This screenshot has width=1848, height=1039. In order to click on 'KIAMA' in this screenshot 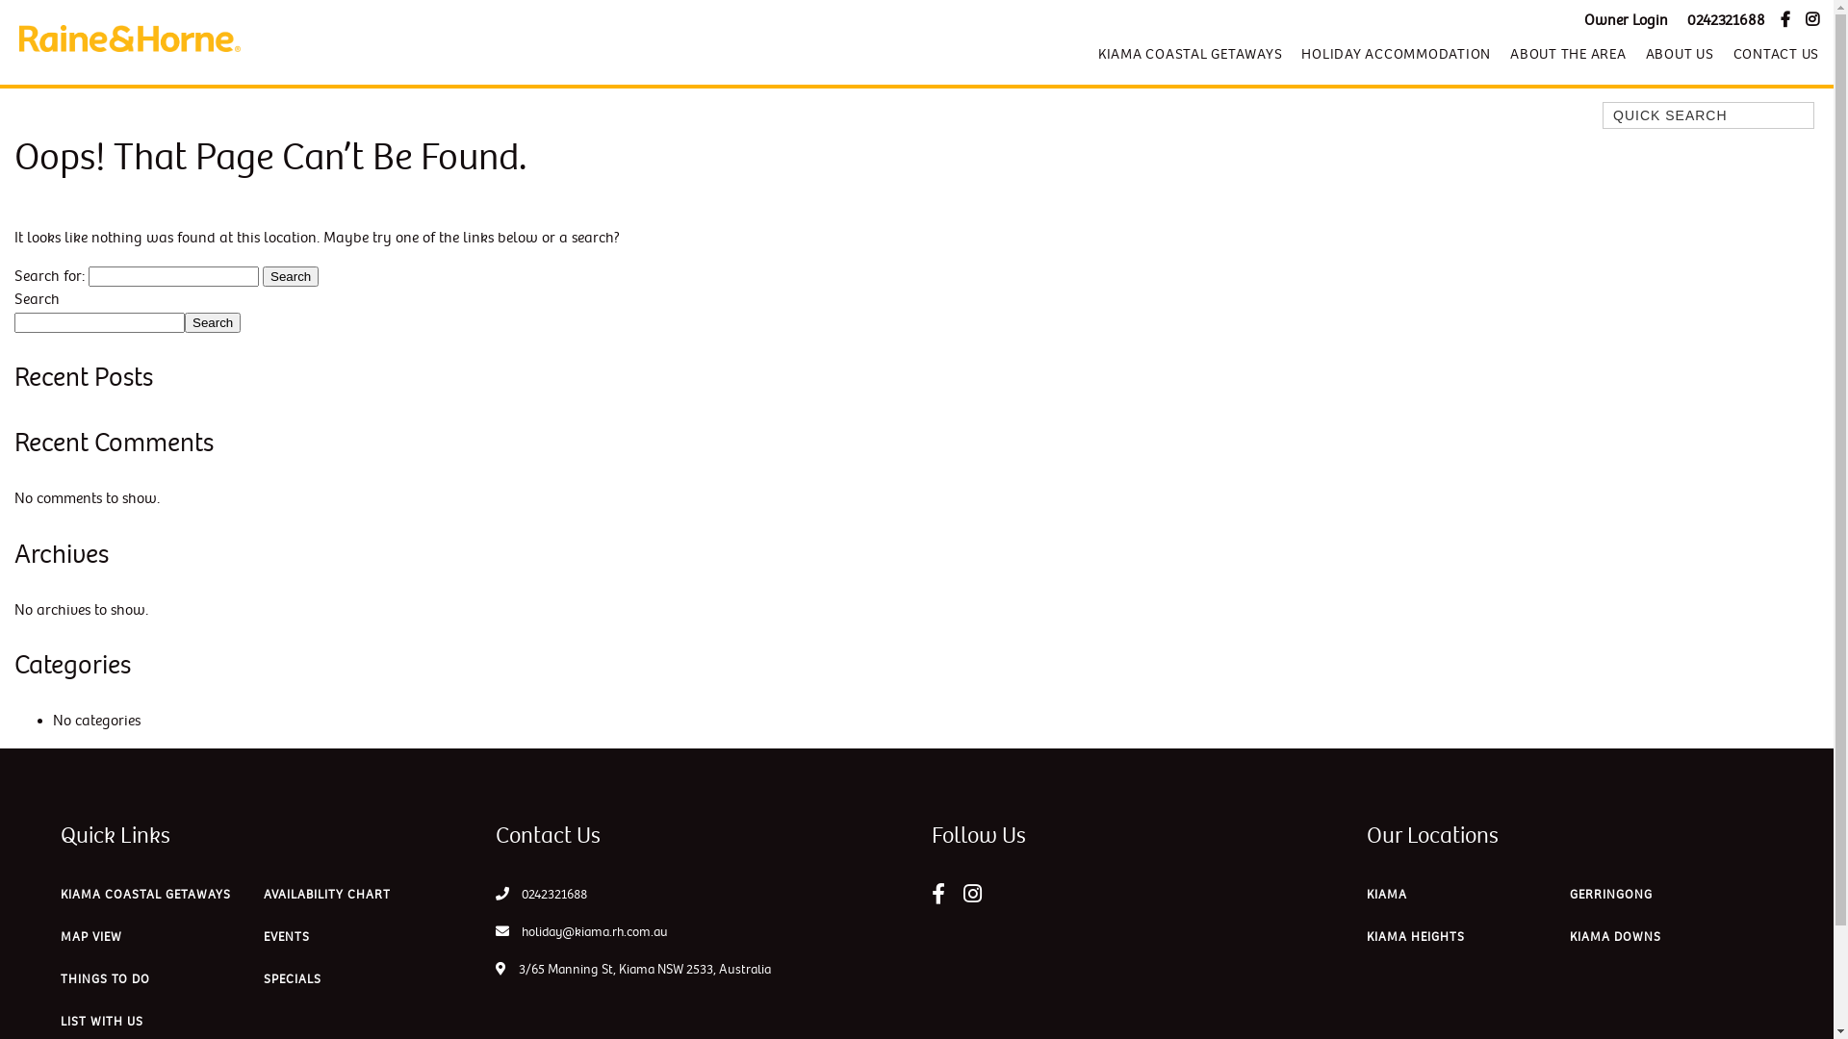, I will do `click(1386, 899)`.